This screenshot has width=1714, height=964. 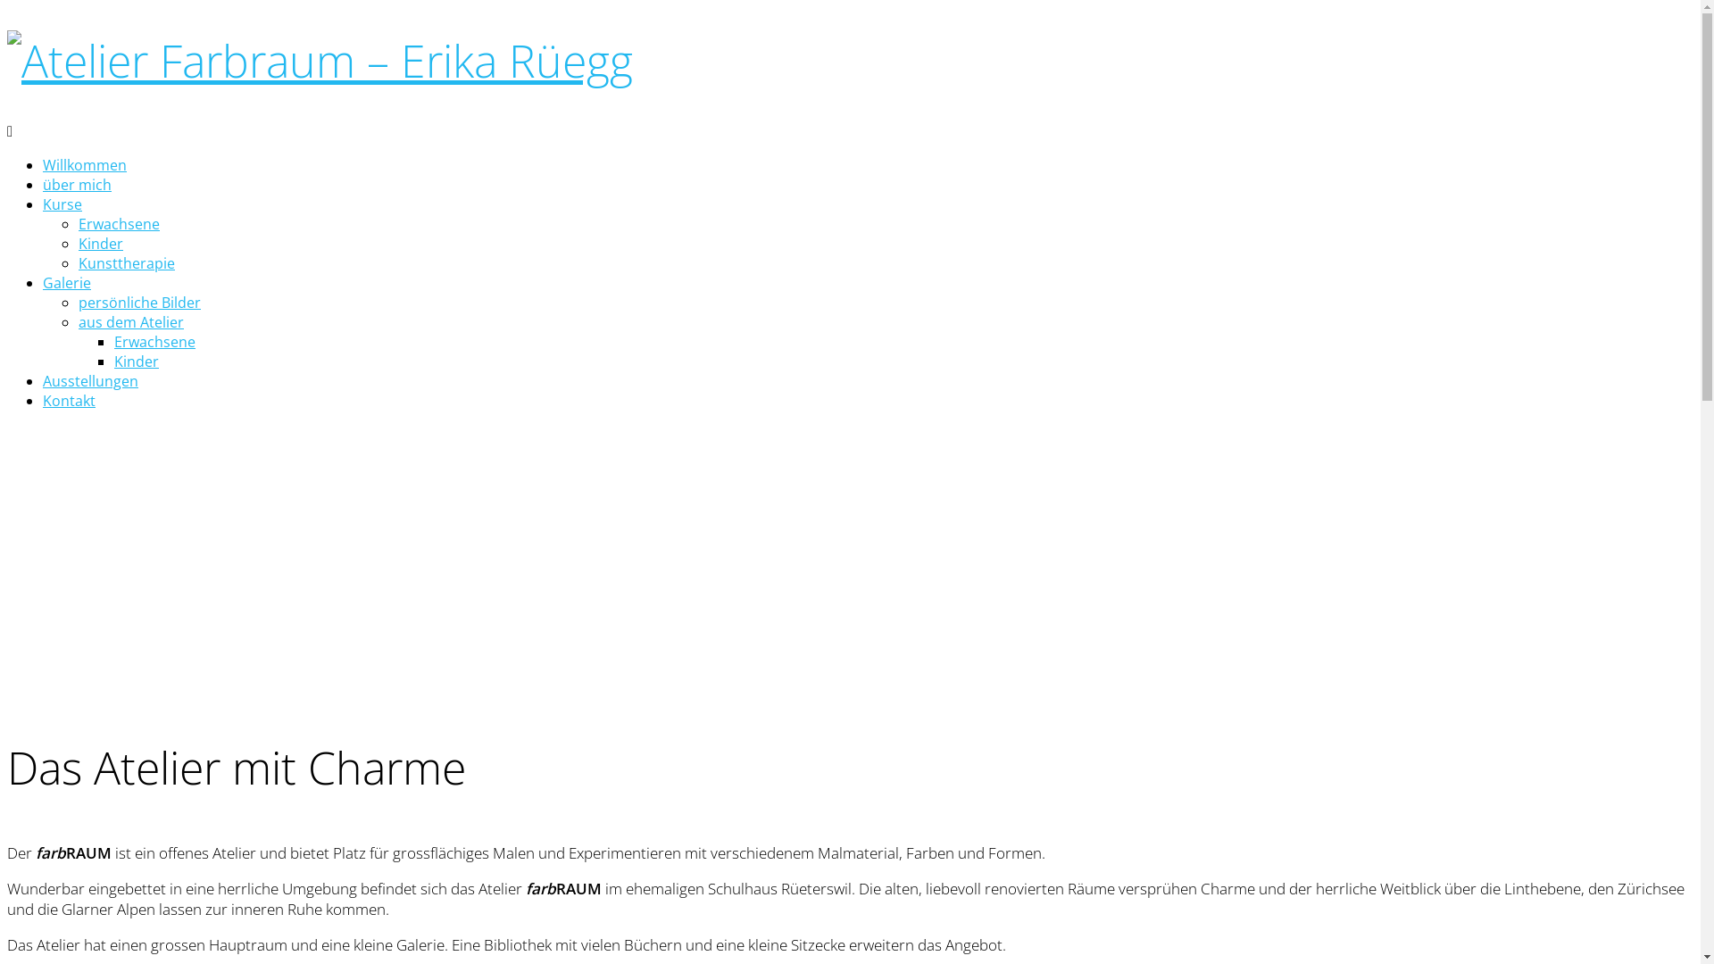 What do you see at coordinates (100, 244) in the screenshot?
I see `'Kinder'` at bounding box center [100, 244].